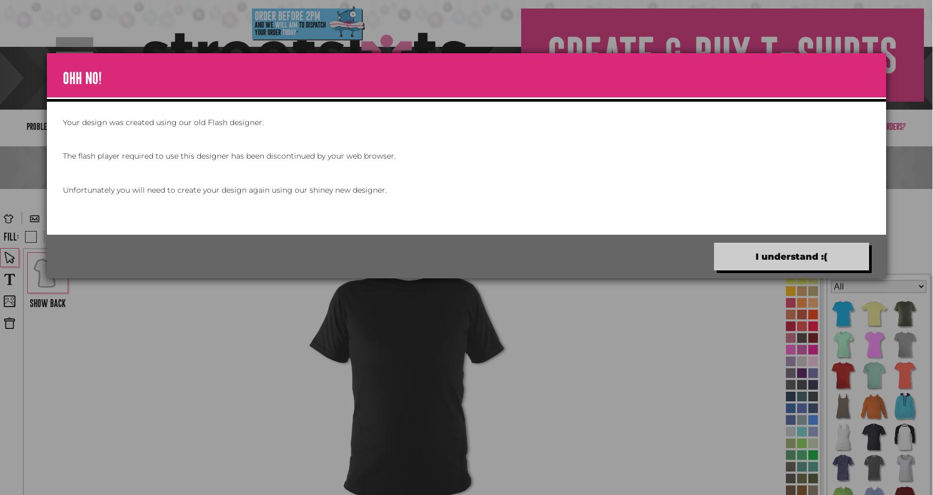  I want to click on 'Order before 2pm', so click(286, 15).